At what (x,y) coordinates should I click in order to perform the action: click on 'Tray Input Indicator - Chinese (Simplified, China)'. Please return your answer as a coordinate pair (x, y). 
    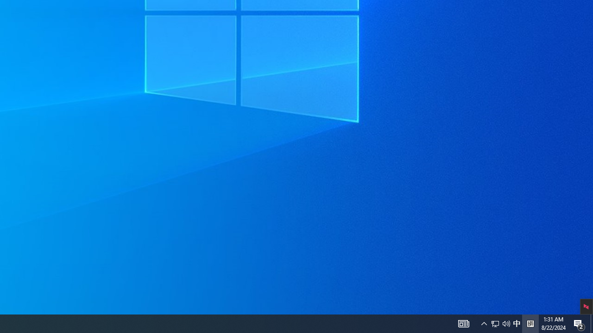
    Looking at the image, I should click on (530, 323).